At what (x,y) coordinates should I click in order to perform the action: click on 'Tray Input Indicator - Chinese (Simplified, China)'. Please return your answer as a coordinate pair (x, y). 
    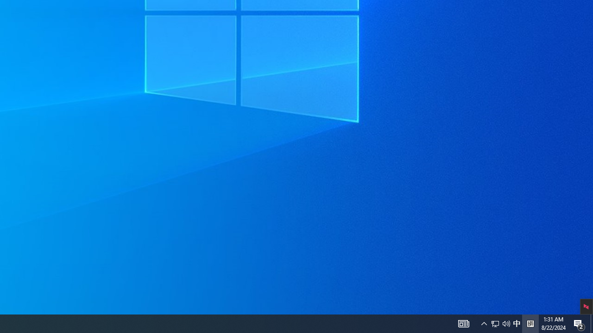
    Looking at the image, I should click on (530, 323).